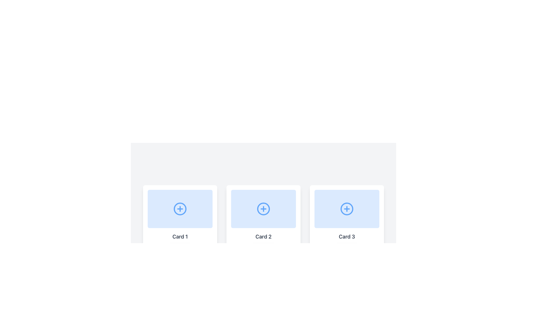 This screenshot has width=556, height=313. I want to click on the textual label located below the center of the second card in a horizontal row of three cards, which identifies or names the associated card, so click(263, 237).